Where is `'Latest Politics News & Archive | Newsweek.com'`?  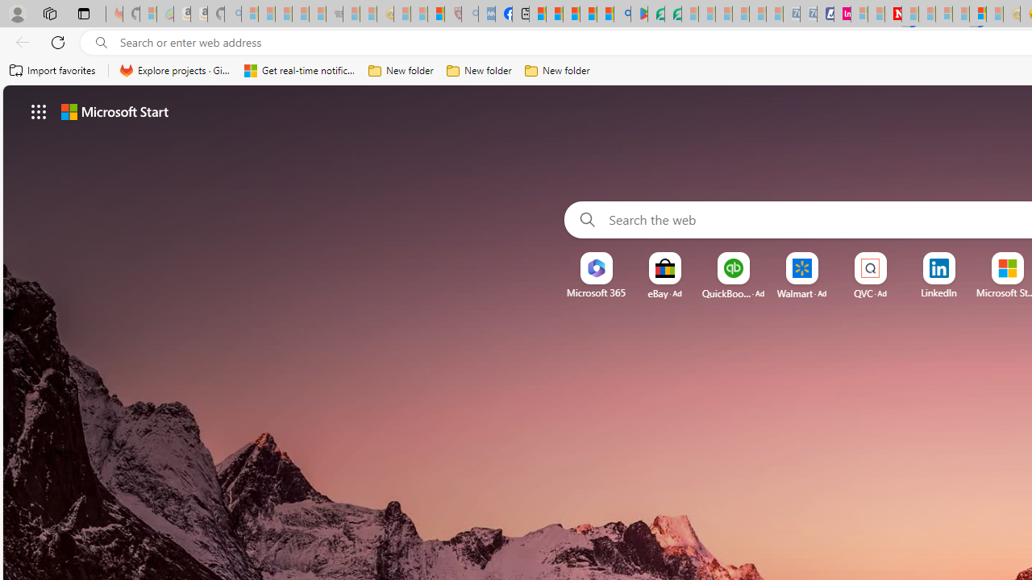
'Latest Politics News & Archive | Newsweek.com' is located at coordinates (892, 14).